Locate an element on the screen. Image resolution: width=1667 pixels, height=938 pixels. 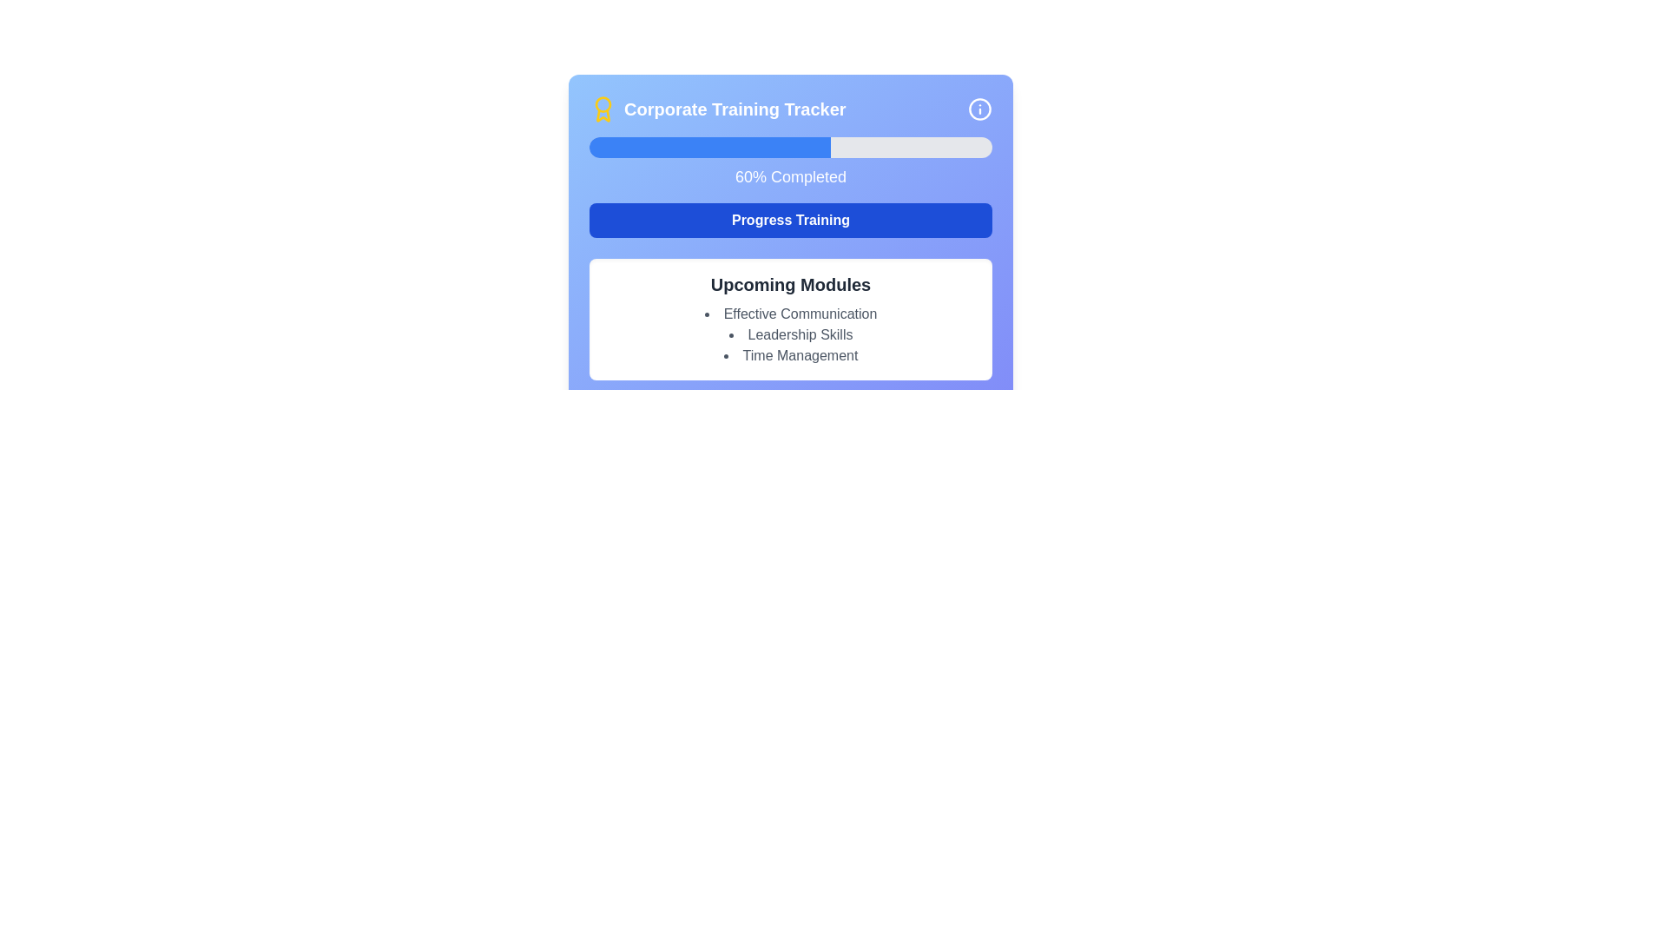
text from the bulleted list component containing 'Effective Communication,' 'Leadership Skills,' and 'Time Management' within the 'Upcoming Modules' section is located at coordinates (790, 334).